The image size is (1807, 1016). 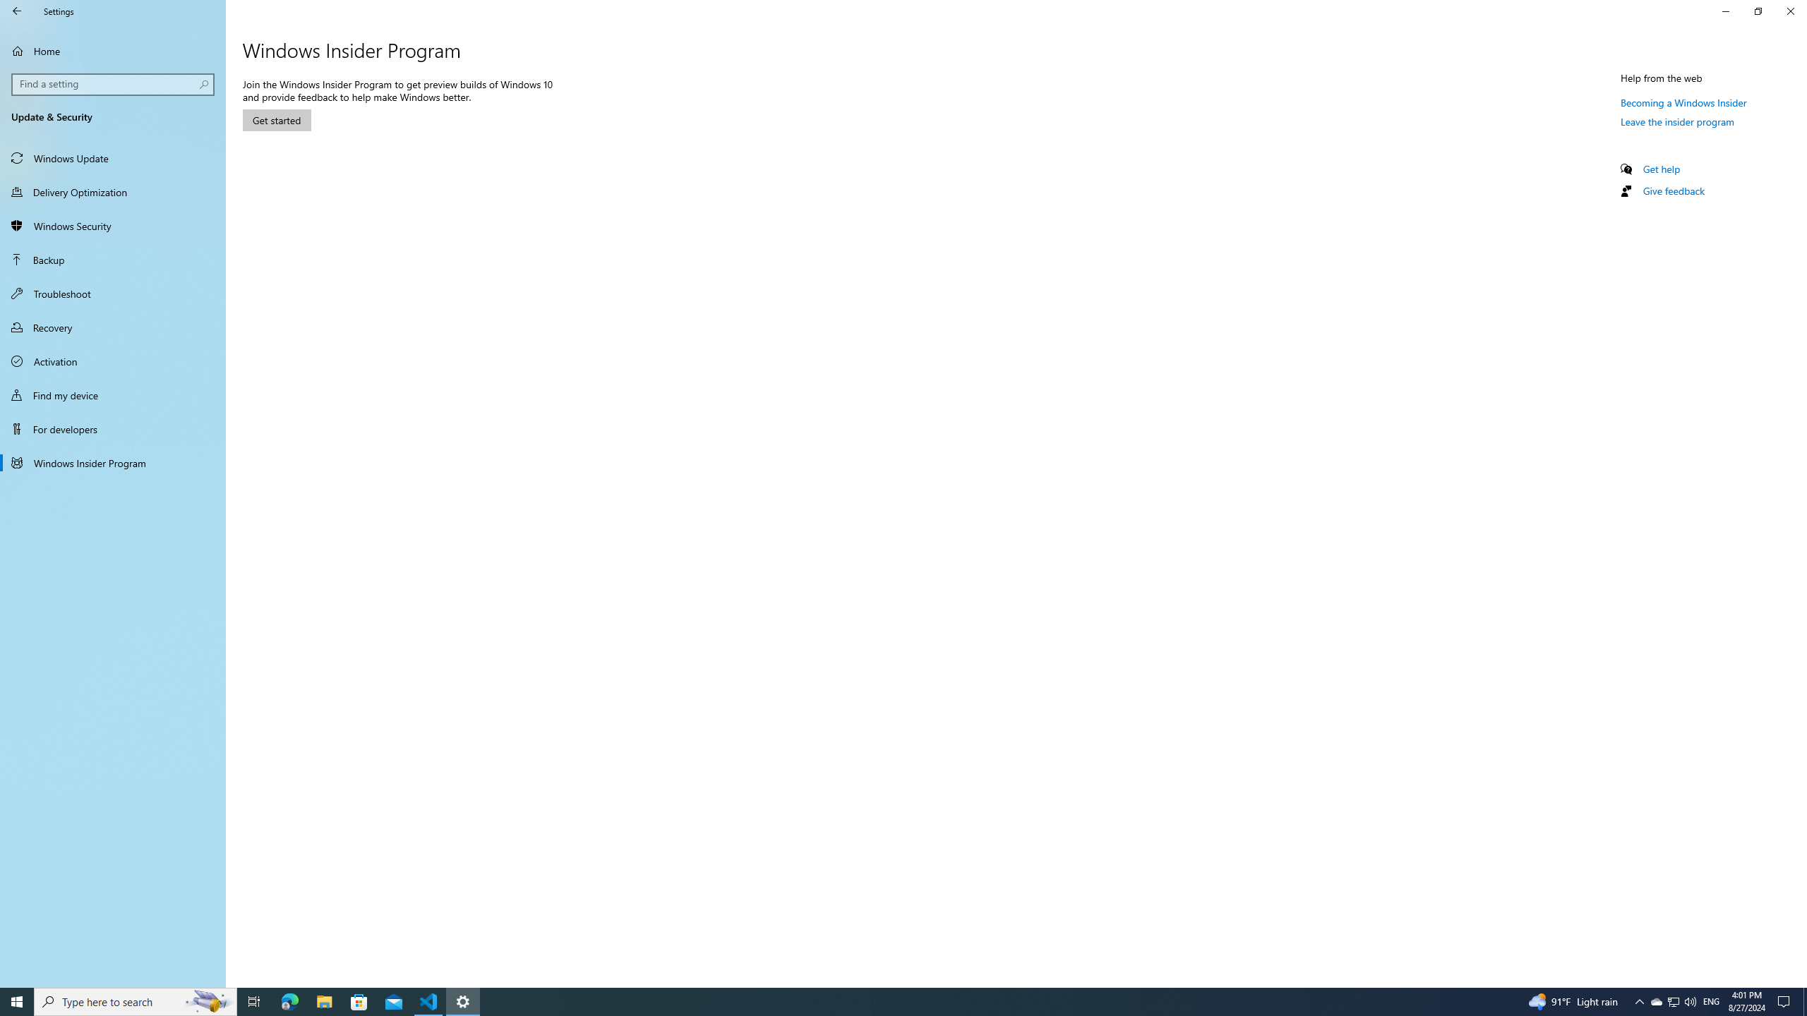 What do you see at coordinates (112, 293) in the screenshot?
I see `'Troubleshoot'` at bounding box center [112, 293].